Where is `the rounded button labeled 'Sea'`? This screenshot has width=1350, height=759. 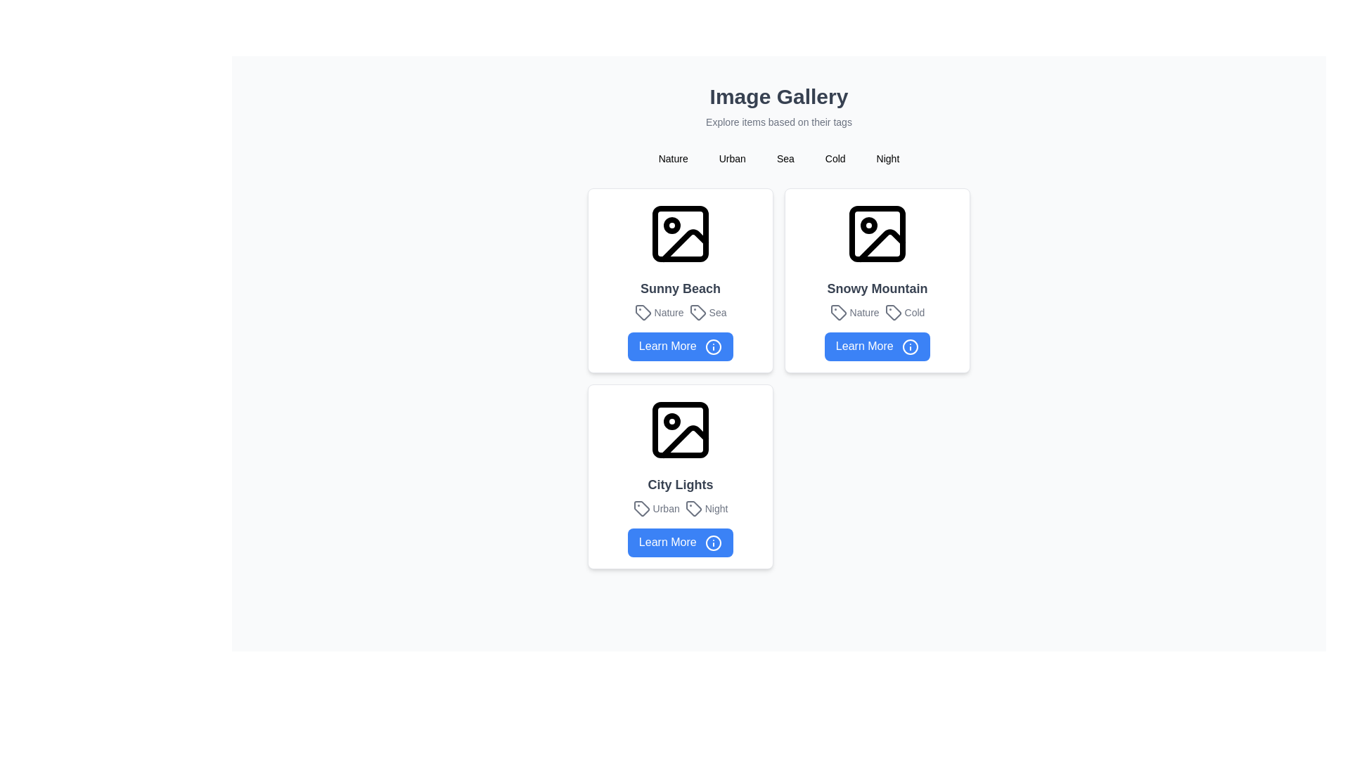 the rounded button labeled 'Sea' is located at coordinates (785, 158).